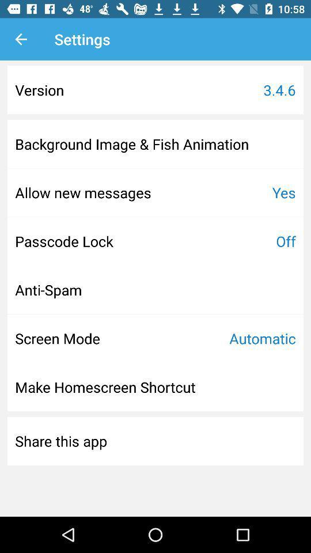  What do you see at coordinates (64, 240) in the screenshot?
I see `icon to the left of the off icon` at bounding box center [64, 240].